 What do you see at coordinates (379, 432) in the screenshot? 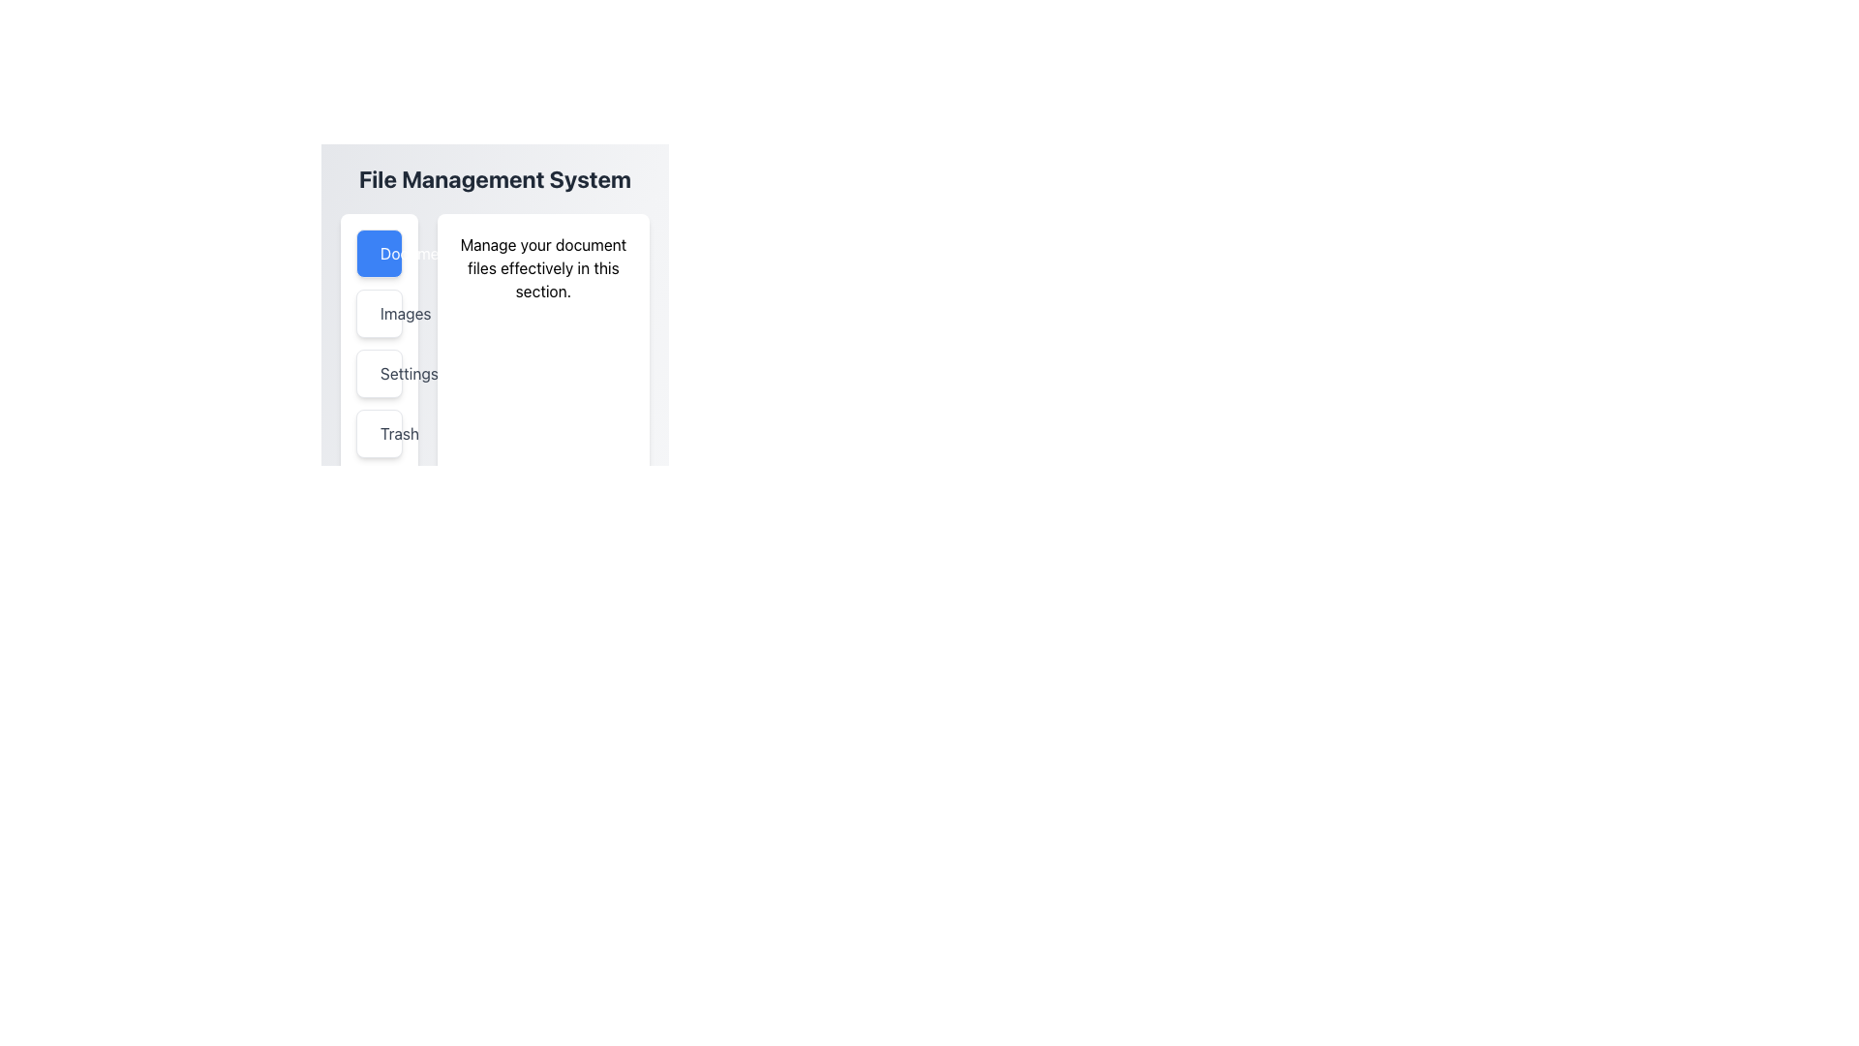
I see `the 'Trash' button, which is the fourth button under the 'File Management System' heading` at bounding box center [379, 432].